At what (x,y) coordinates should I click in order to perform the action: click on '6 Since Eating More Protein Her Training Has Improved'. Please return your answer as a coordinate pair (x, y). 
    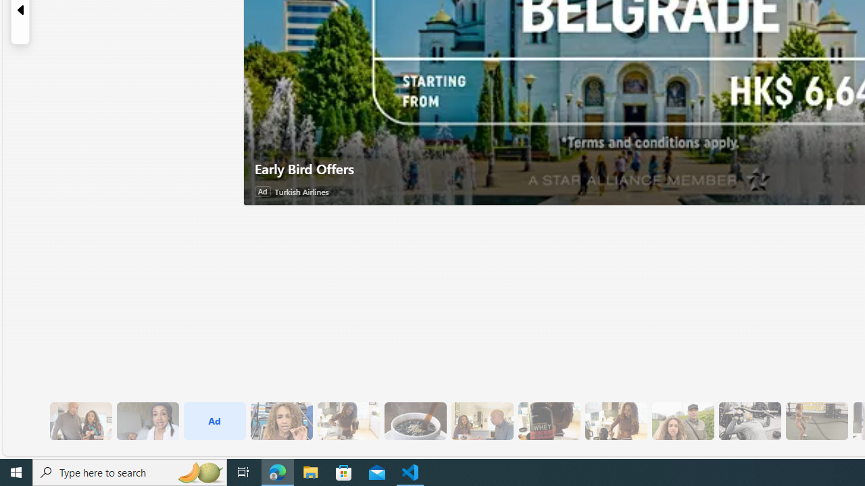
    Looking at the image, I should click on (549, 421).